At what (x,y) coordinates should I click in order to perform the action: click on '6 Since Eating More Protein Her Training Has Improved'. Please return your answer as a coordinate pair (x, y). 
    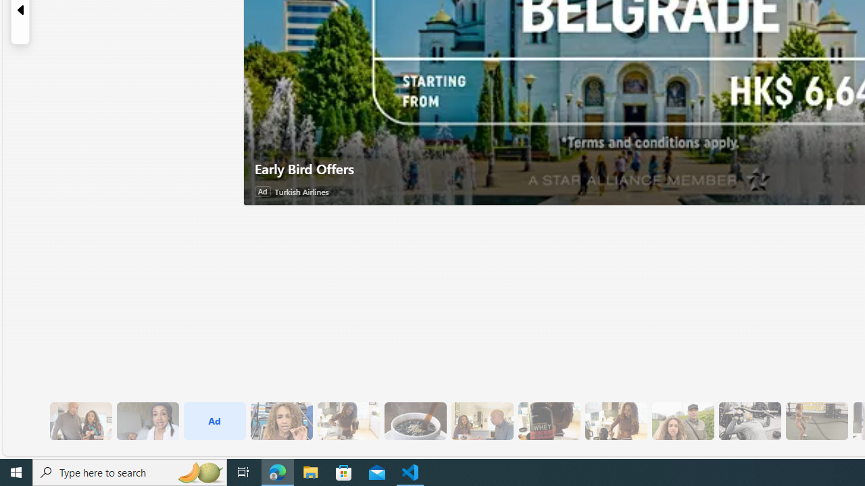
    Looking at the image, I should click on (549, 421).